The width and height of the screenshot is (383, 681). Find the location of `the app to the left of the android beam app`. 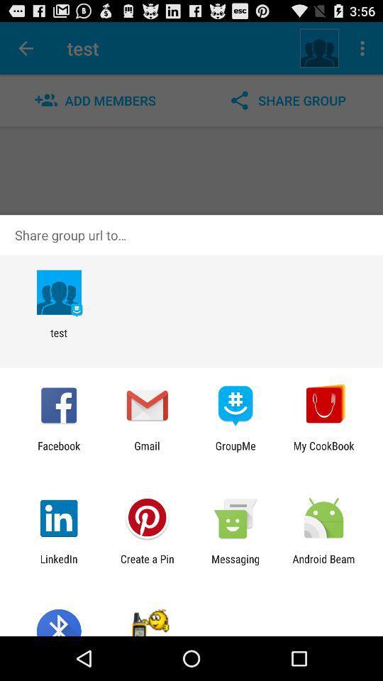

the app to the left of the android beam app is located at coordinates (235, 565).